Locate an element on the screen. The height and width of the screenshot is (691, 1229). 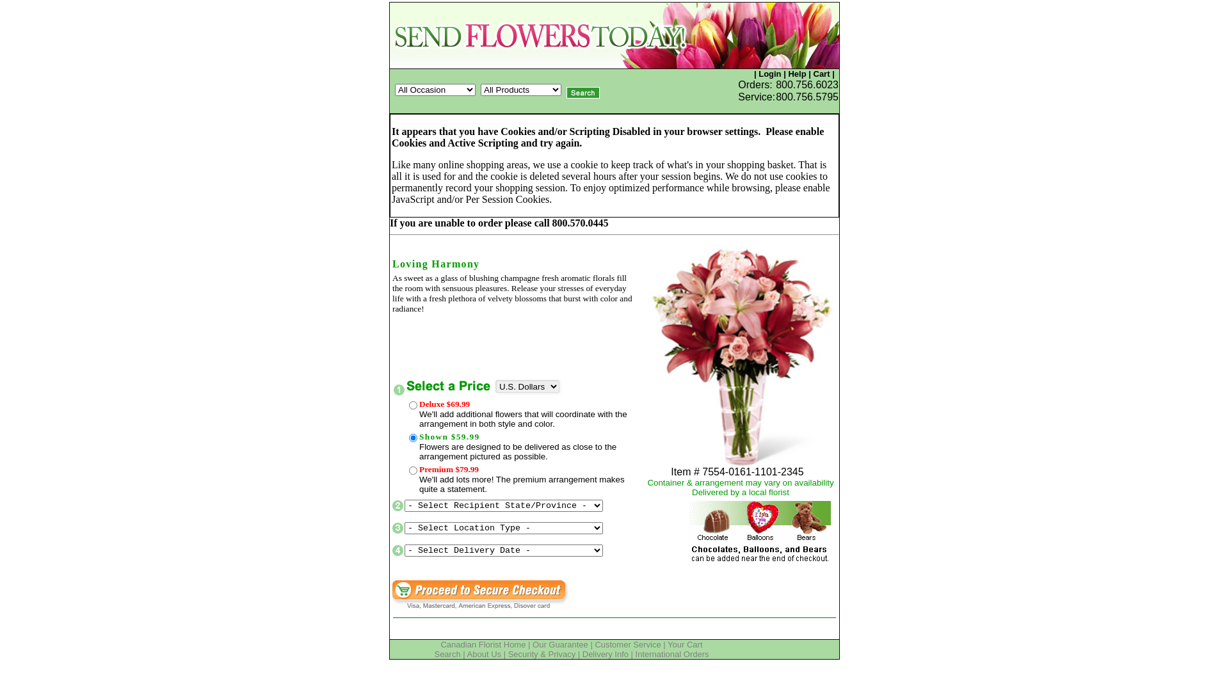
'Login' is located at coordinates (769, 74).